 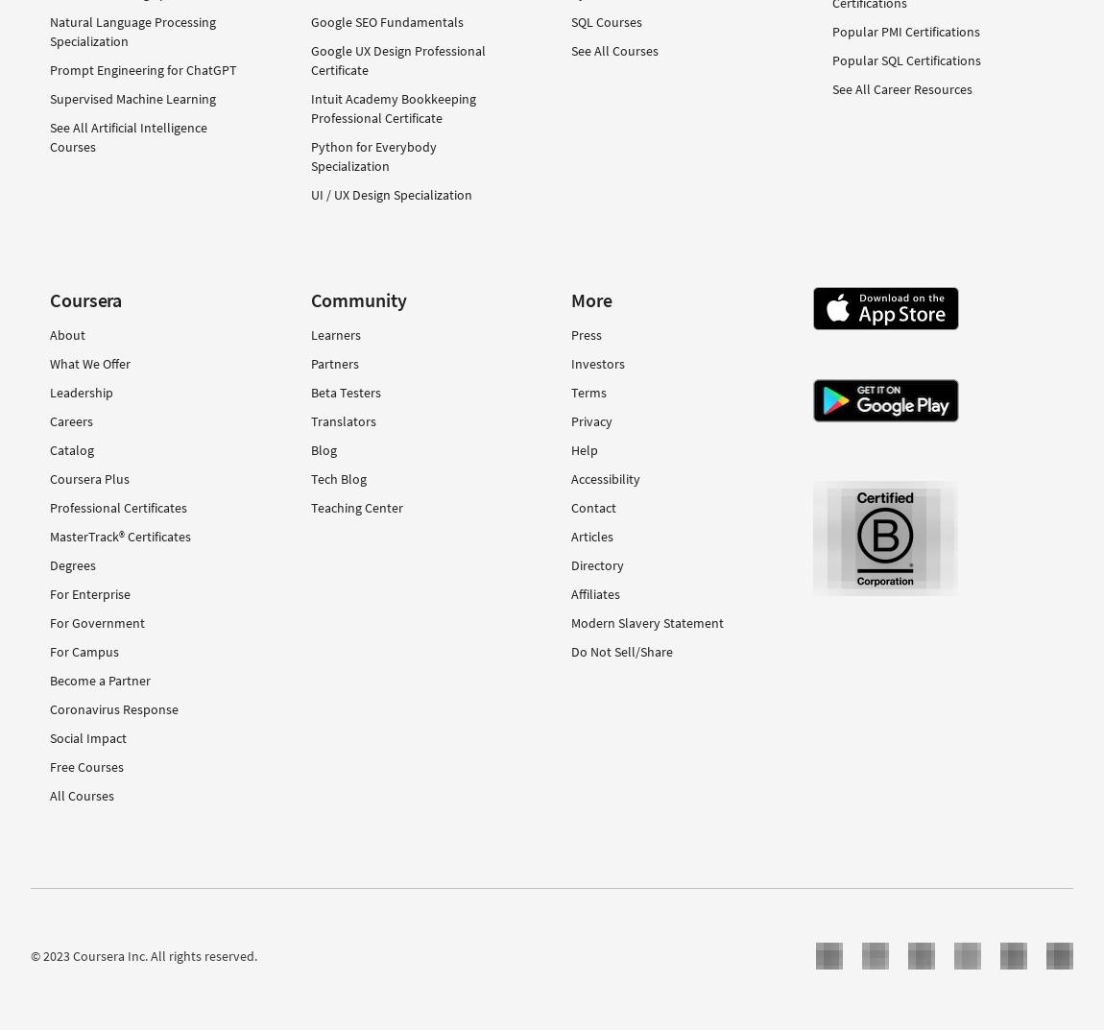 I want to click on 'Leadership', so click(x=80, y=390).